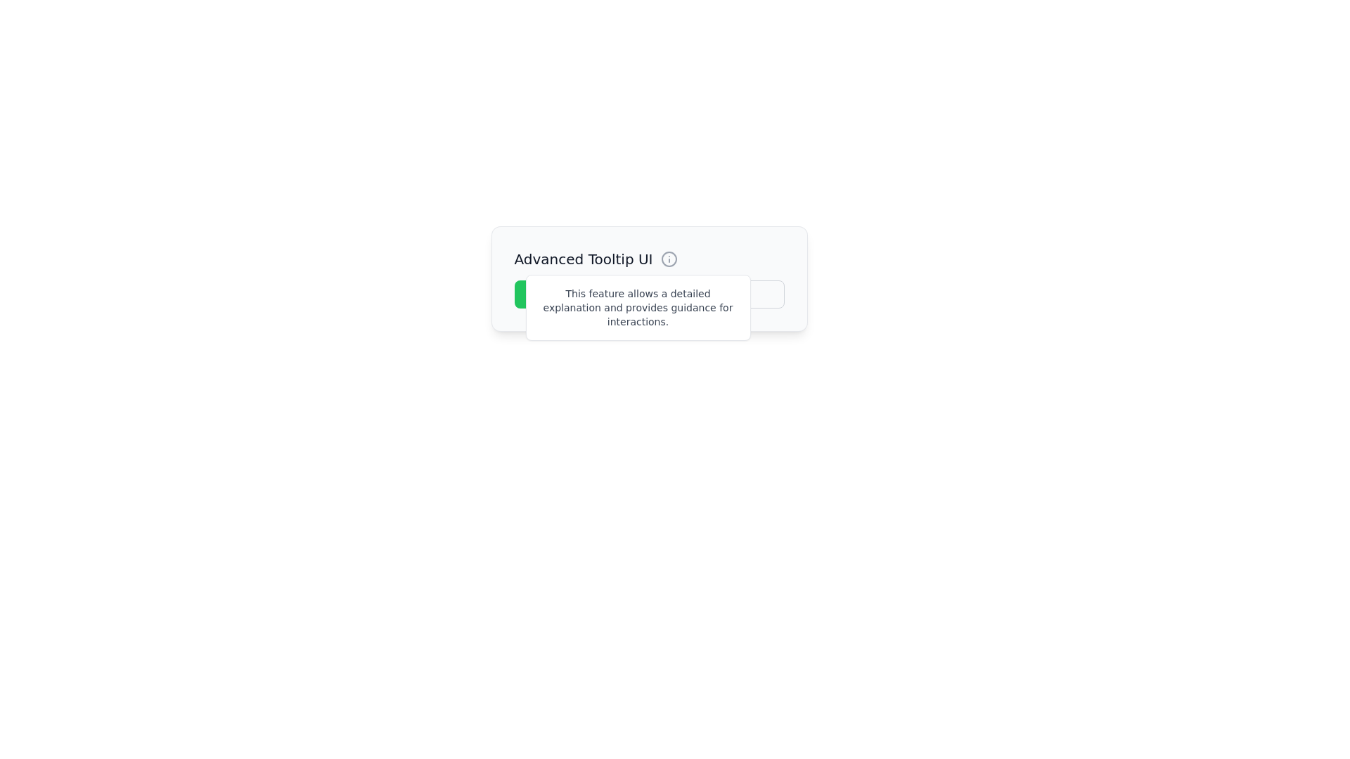  What do you see at coordinates (637, 307) in the screenshot?
I see `the tooltip box that contains the text 'This feature allows a detailed explanation and provides guidance for interactions.' It is a rectangular element with a white background and black text, positioned below the title between the 'Confirm' and 'Cancel' buttons` at bounding box center [637, 307].